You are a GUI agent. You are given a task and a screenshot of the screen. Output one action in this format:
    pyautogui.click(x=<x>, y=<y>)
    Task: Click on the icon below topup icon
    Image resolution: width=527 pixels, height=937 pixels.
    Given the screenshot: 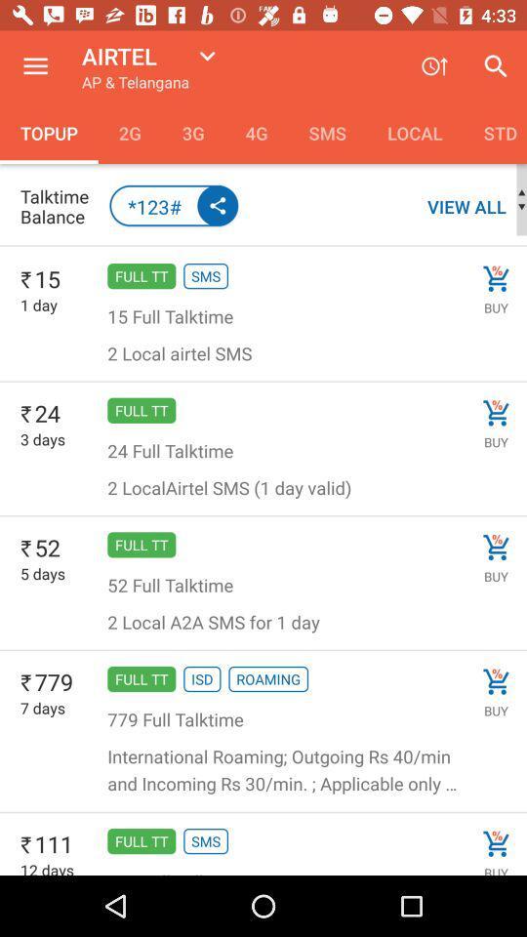 What is the action you would take?
    pyautogui.click(x=59, y=207)
    